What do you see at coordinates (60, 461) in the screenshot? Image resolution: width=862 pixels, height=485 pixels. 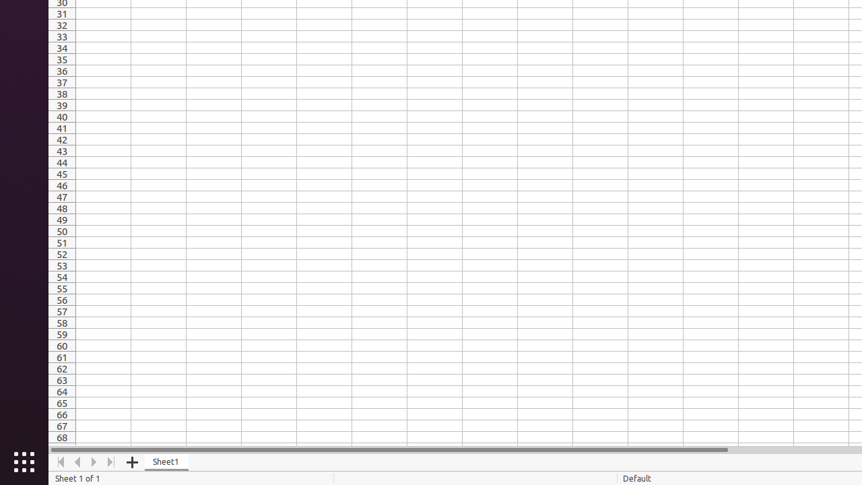 I see `'Move To Home'` at bounding box center [60, 461].